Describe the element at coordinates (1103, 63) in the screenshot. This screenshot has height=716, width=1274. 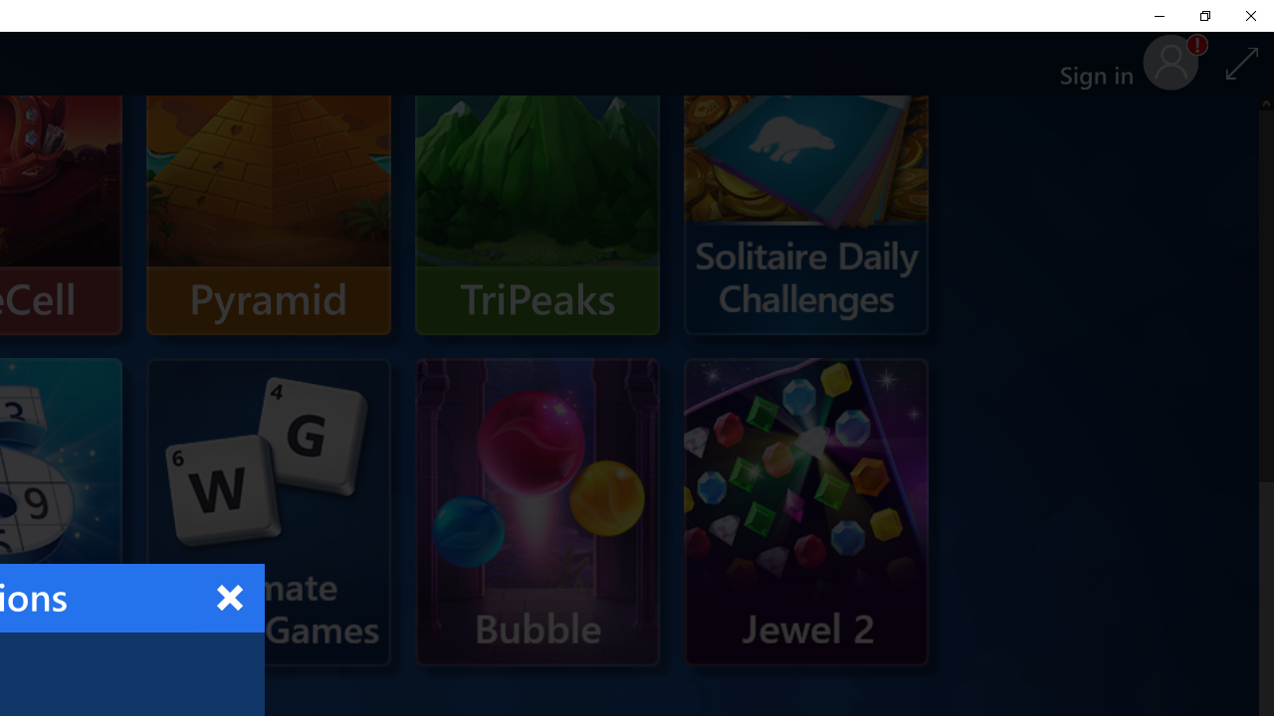
I see `'Sign in'` at that location.